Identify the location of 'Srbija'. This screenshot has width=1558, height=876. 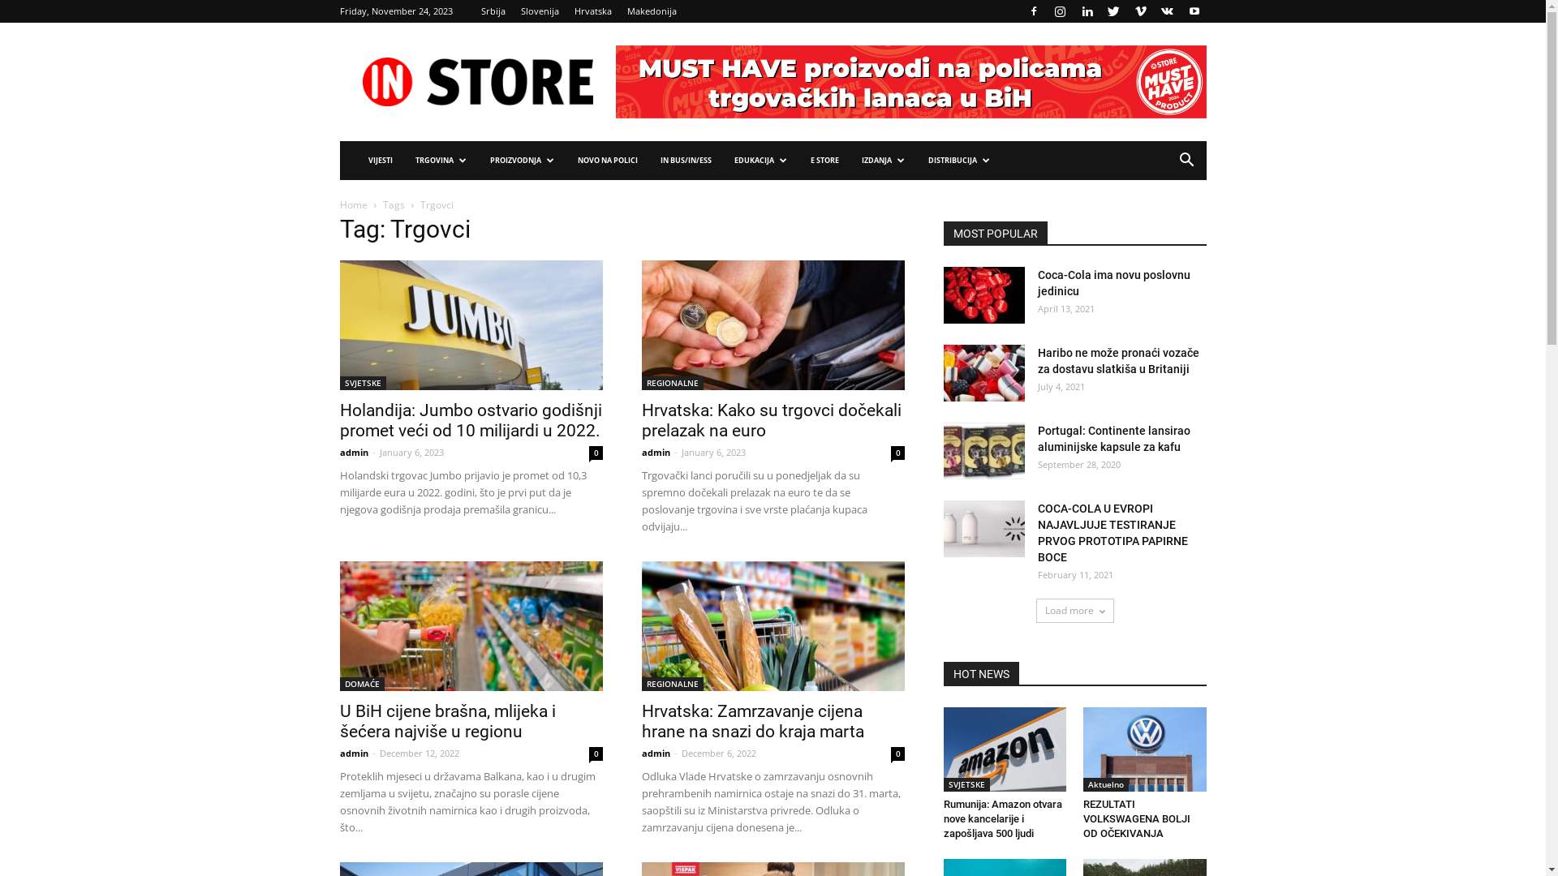
(491, 11).